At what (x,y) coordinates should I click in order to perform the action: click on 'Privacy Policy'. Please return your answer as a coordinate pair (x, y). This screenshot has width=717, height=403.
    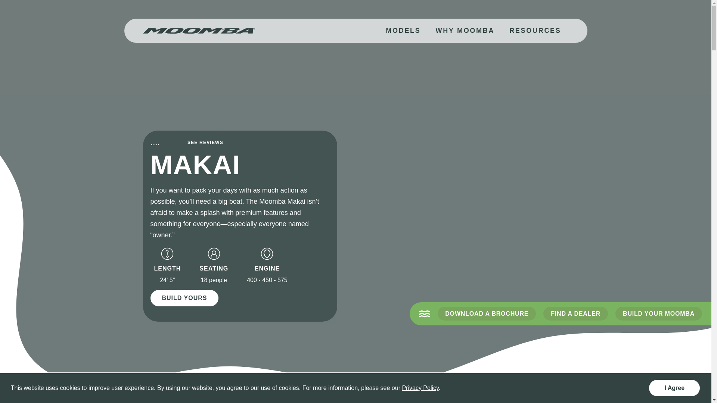
    Looking at the image, I should click on (420, 387).